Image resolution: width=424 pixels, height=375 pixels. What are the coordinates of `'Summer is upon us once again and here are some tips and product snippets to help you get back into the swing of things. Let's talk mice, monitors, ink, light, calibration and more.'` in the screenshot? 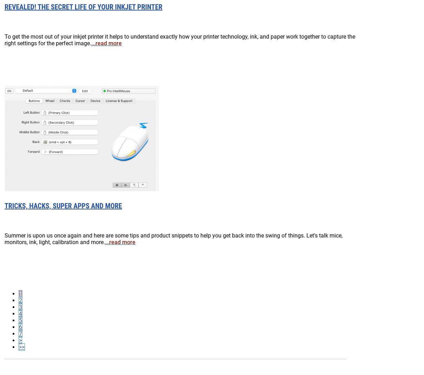 It's located at (173, 238).